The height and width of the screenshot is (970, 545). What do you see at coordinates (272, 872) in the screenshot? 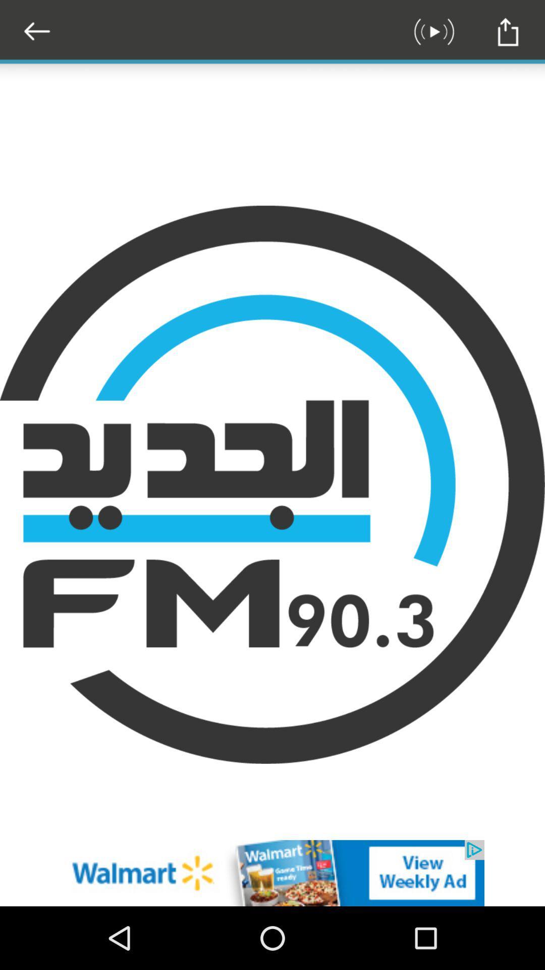
I see `advetisment page` at bounding box center [272, 872].